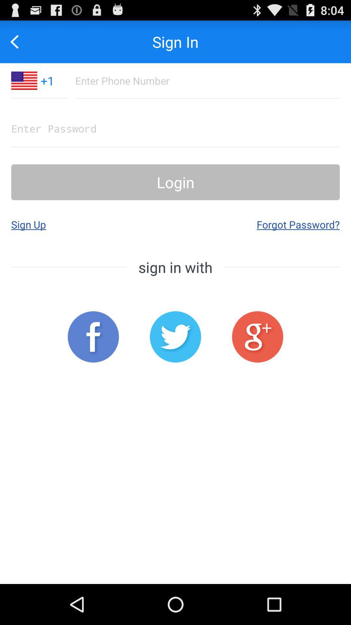 Image resolution: width=351 pixels, height=625 pixels. What do you see at coordinates (24, 80) in the screenshot?
I see `usa flag` at bounding box center [24, 80].